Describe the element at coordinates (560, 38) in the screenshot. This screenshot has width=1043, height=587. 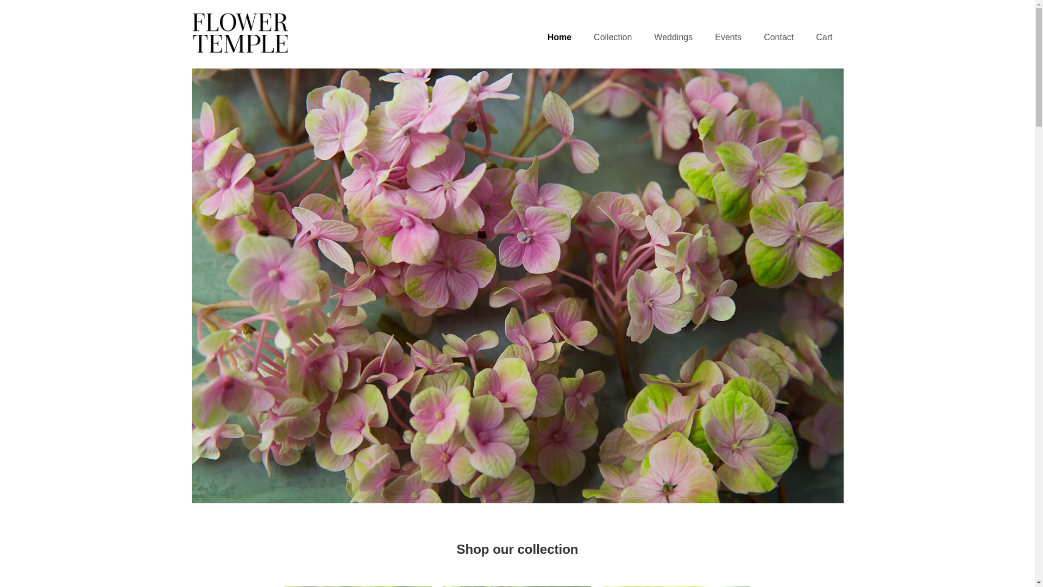
I see `'Home'` at that location.